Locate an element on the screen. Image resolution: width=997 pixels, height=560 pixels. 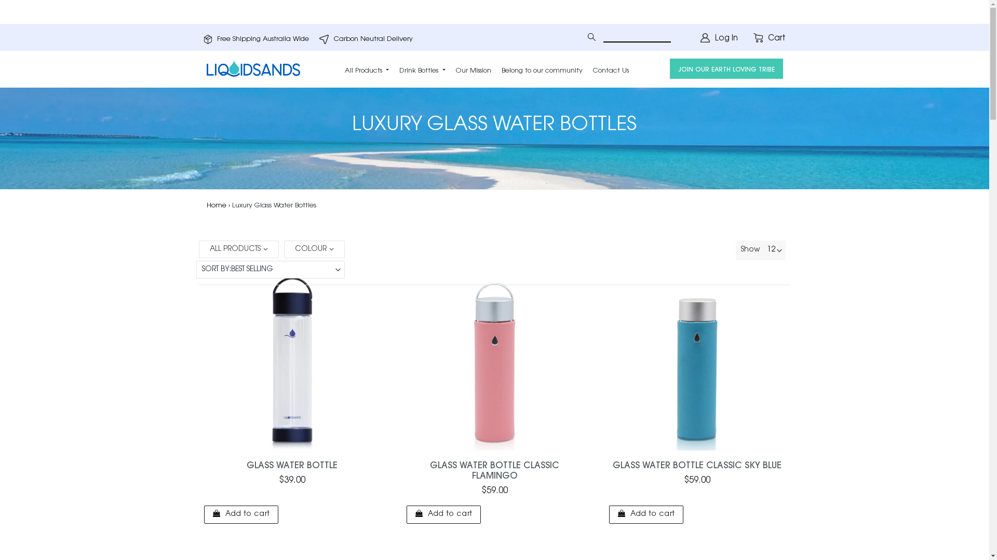
'Cart' is located at coordinates (769, 38).